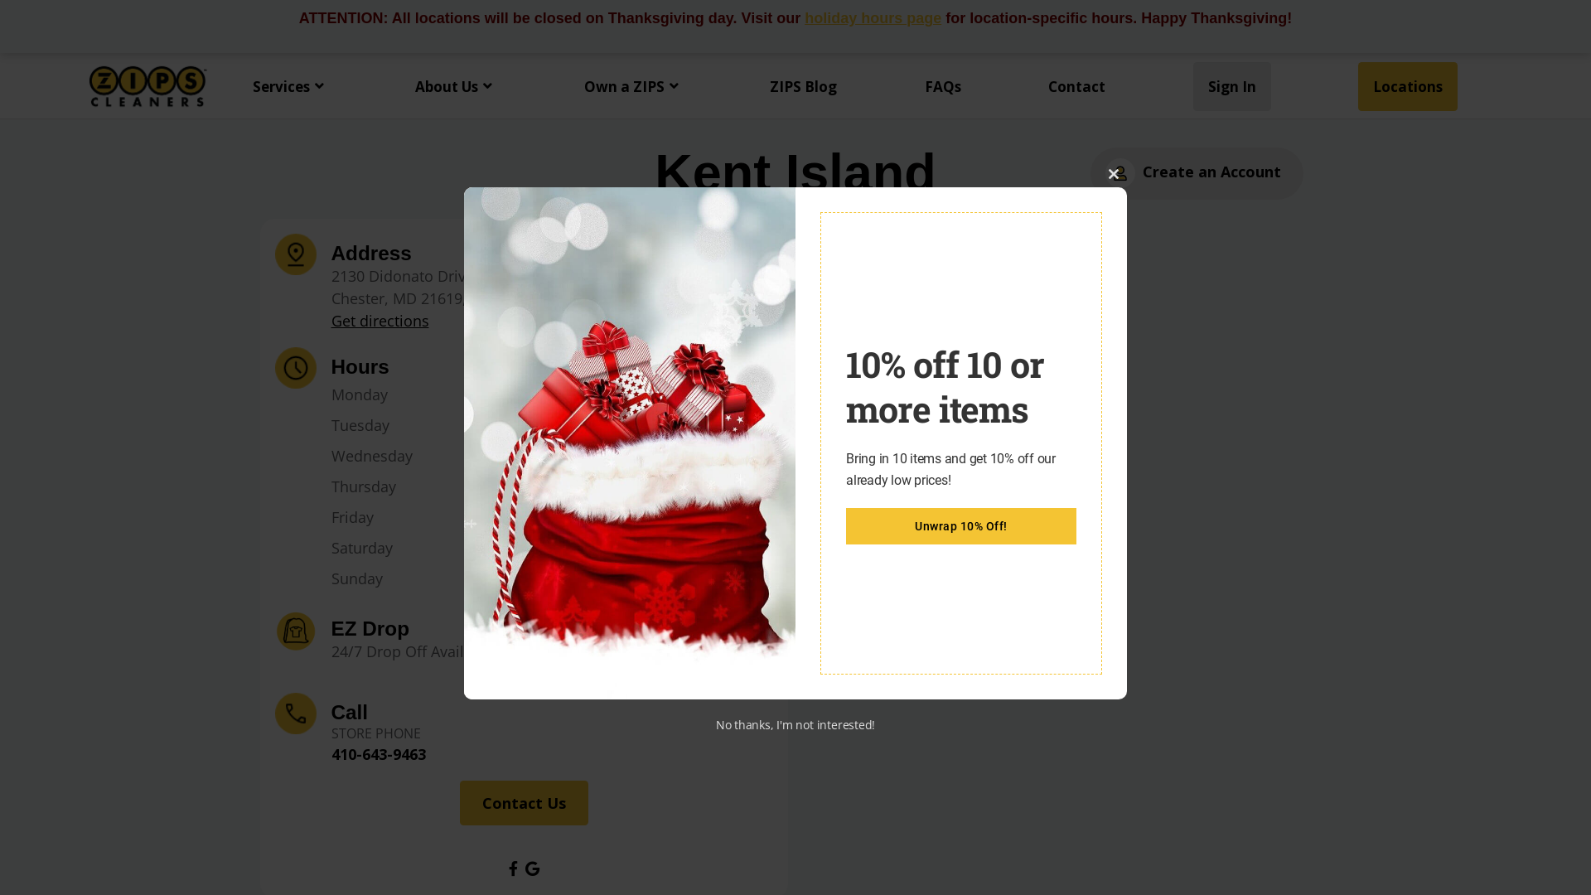  Describe the element at coordinates (872, 18) in the screenshot. I see `'holiday hours page'` at that location.